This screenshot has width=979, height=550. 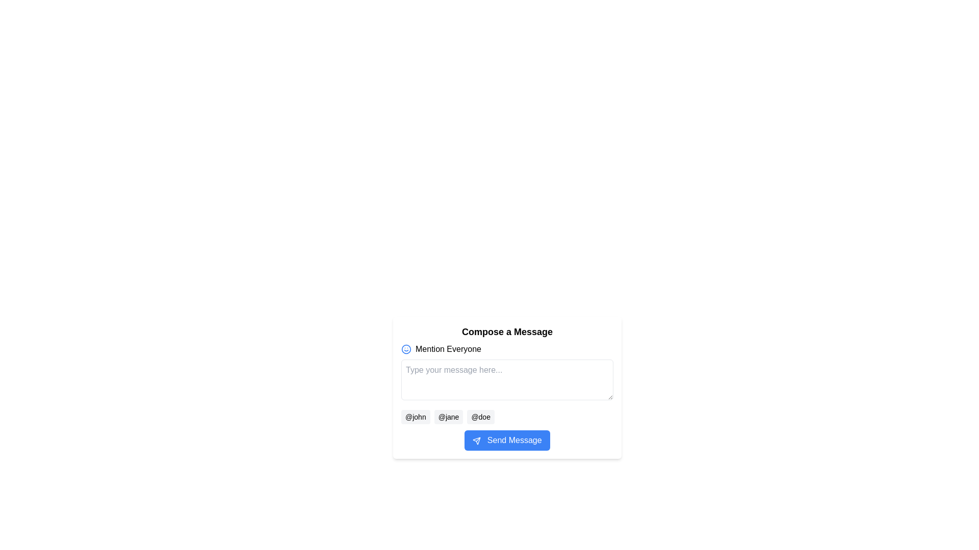 What do you see at coordinates (448, 417) in the screenshot?
I see `the '@jane' tag, which is the second pill-shaped tag in a group of three tags located beneath the message input box` at bounding box center [448, 417].